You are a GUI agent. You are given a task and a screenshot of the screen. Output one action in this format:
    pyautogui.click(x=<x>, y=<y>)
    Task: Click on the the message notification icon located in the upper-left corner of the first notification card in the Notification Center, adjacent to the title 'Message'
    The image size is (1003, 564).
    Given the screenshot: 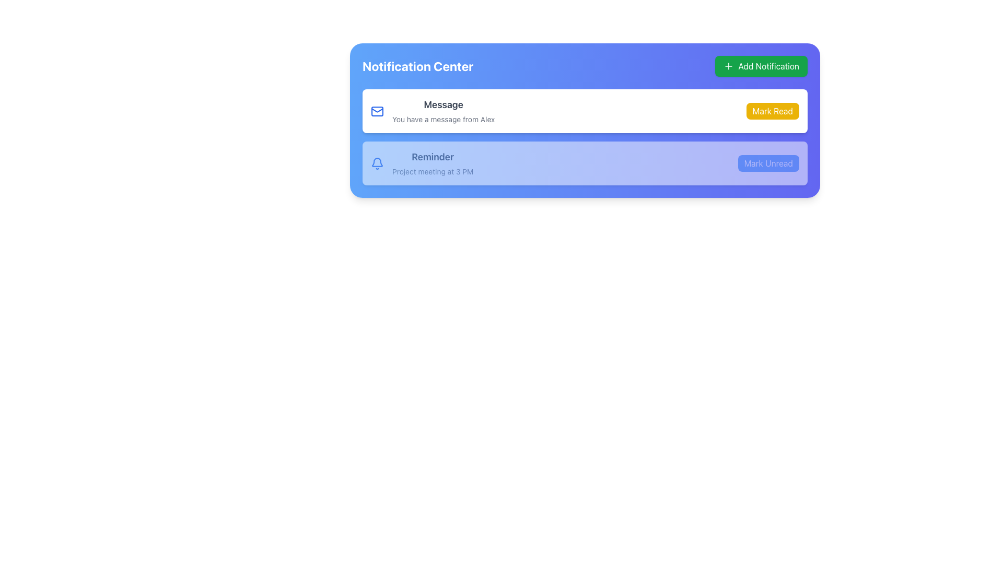 What is the action you would take?
    pyautogui.click(x=377, y=111)
    